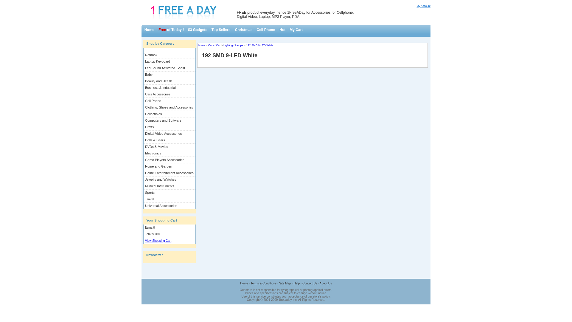  Describe the element at coordinates (263, 283) in the screenshot. I see `'Terms & Conditions'` at that location.